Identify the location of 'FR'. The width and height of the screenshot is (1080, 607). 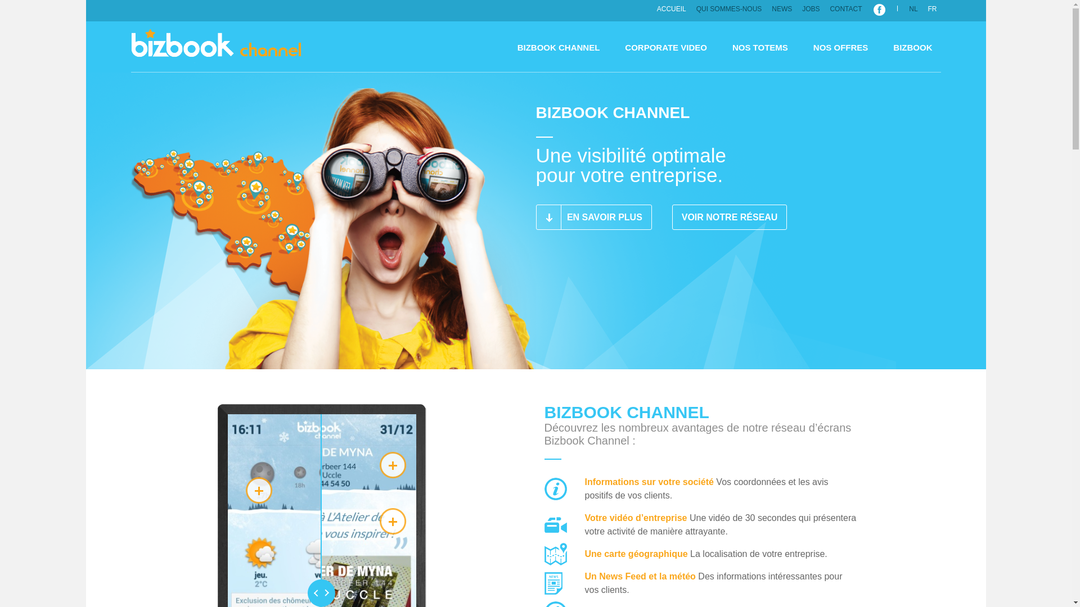
(932, 8).